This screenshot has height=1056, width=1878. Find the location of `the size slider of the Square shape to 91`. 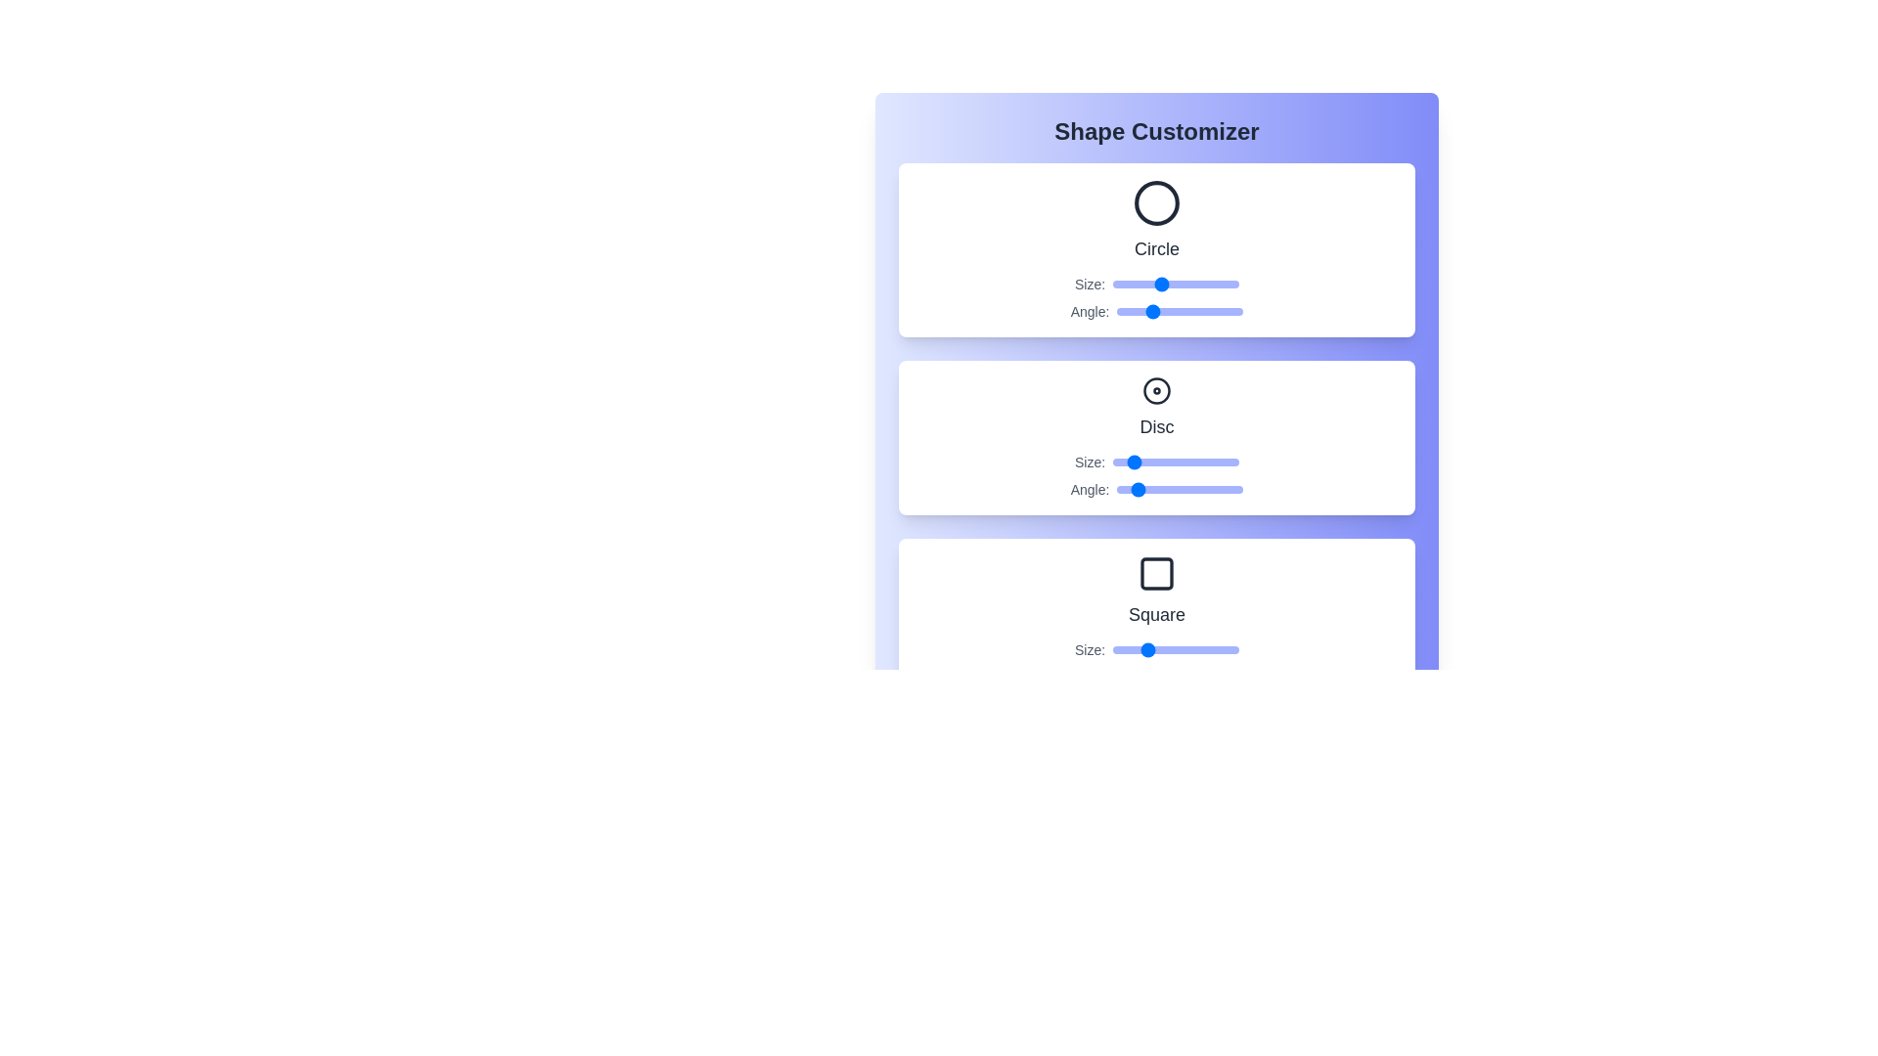

the size slider of the Square shape to 91 is located at coordinates (1224, 649).